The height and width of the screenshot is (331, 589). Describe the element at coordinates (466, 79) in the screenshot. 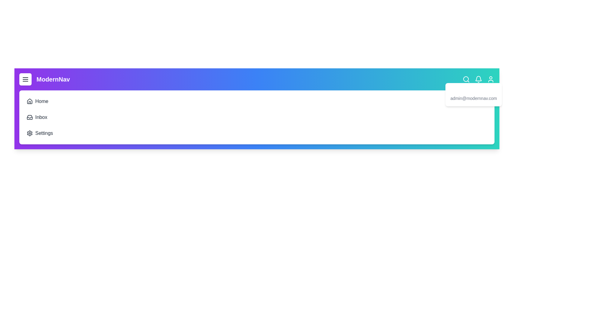

I see `the Search icon` at that location.